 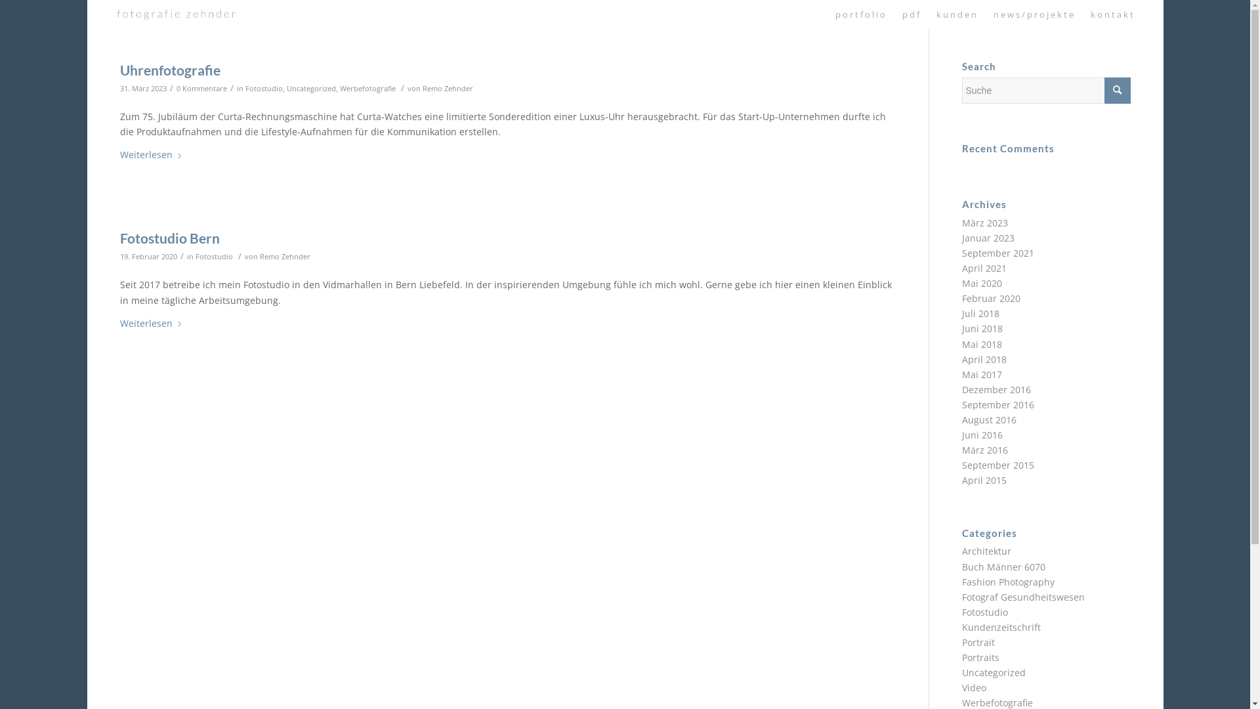 I want to click on '0 Kommentare', so click(x=175, y=88).